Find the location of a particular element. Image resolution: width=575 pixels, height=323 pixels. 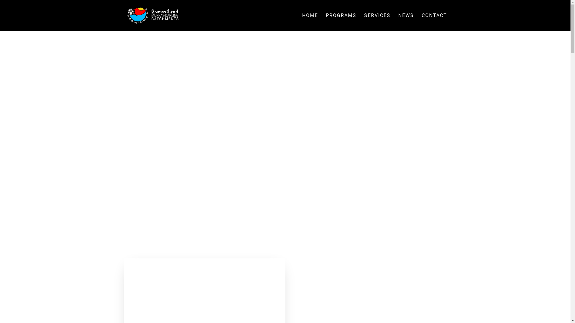

'CONTACT' is located at coordinates (434, 22).